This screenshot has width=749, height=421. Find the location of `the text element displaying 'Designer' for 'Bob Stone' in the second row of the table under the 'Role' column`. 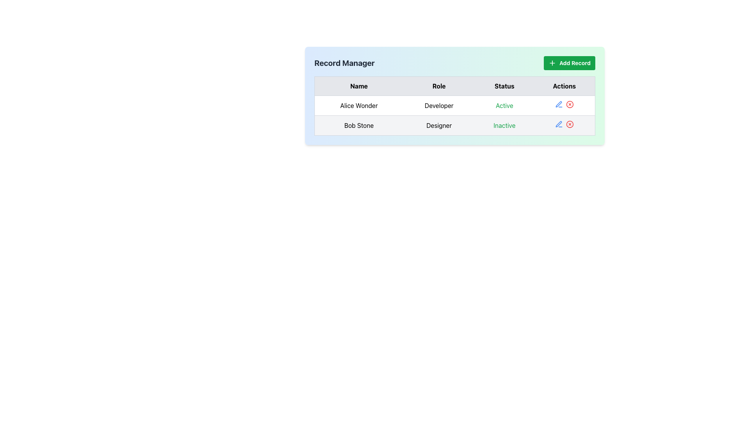

the text element displaying 'Designer' for 'Bob Stone' in the second row of the table under the 'Role' column is located at coordinates (439, 125).